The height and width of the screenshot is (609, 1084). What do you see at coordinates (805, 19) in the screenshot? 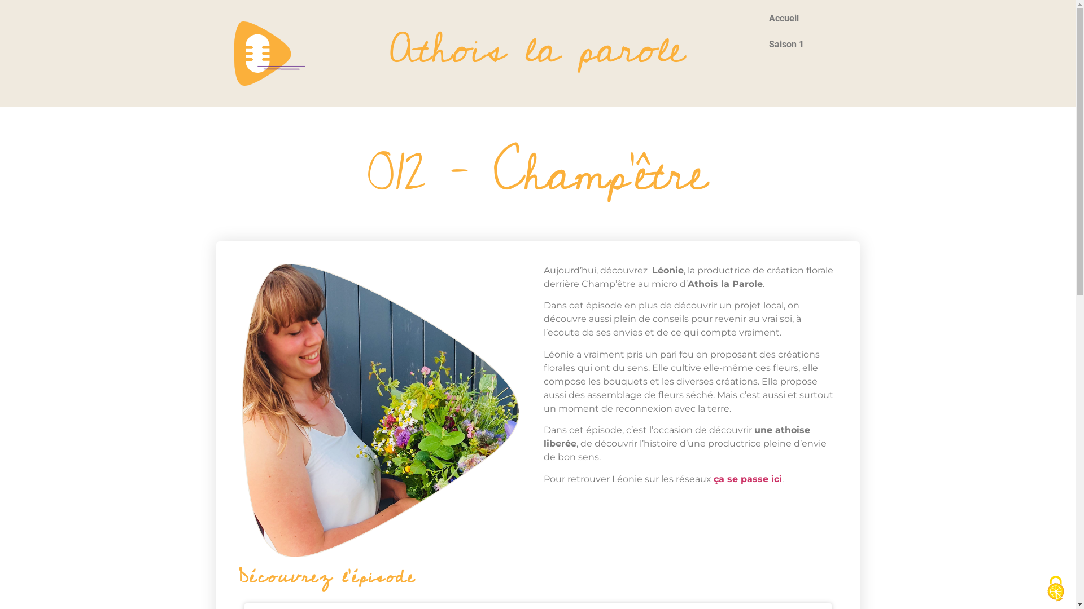
I see `'Accueil'` at bounding box center [805, 19].